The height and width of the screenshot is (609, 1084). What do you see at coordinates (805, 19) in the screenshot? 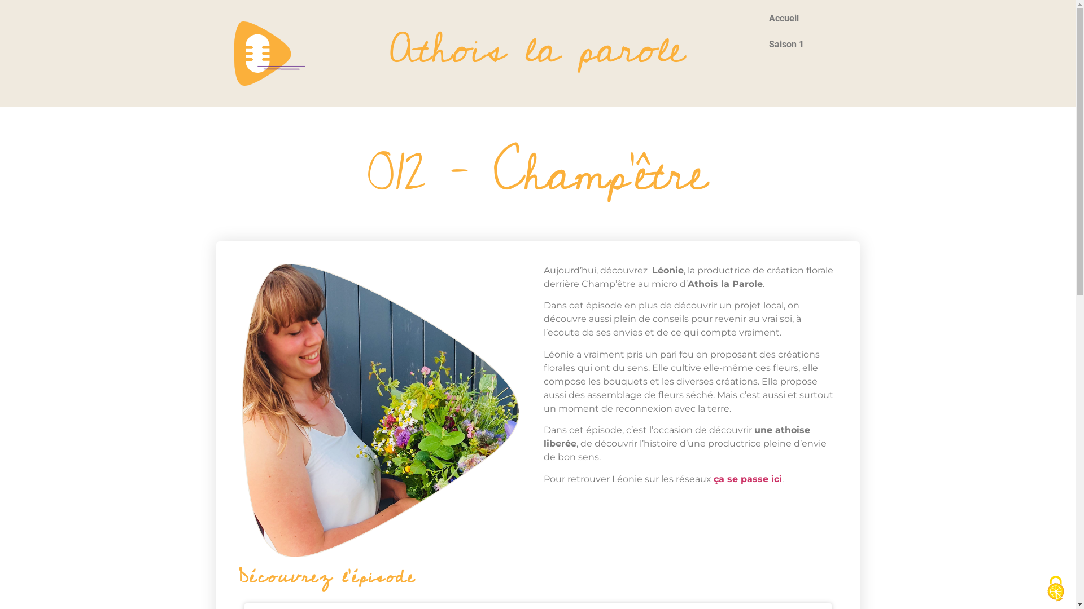
I see `'Accueil'` at bounding box center [805, 19].